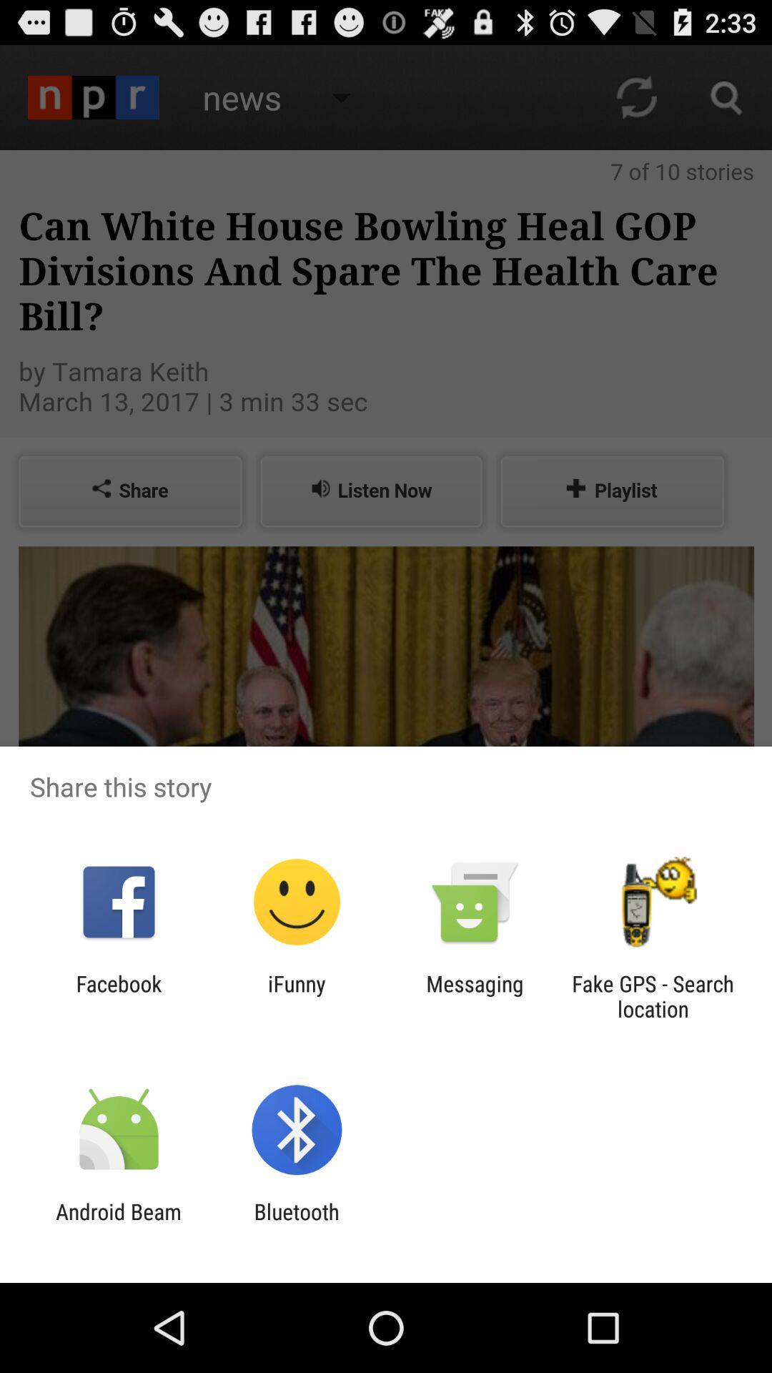  I want to click on the app to the left of messaging icon, so click(296, 995).